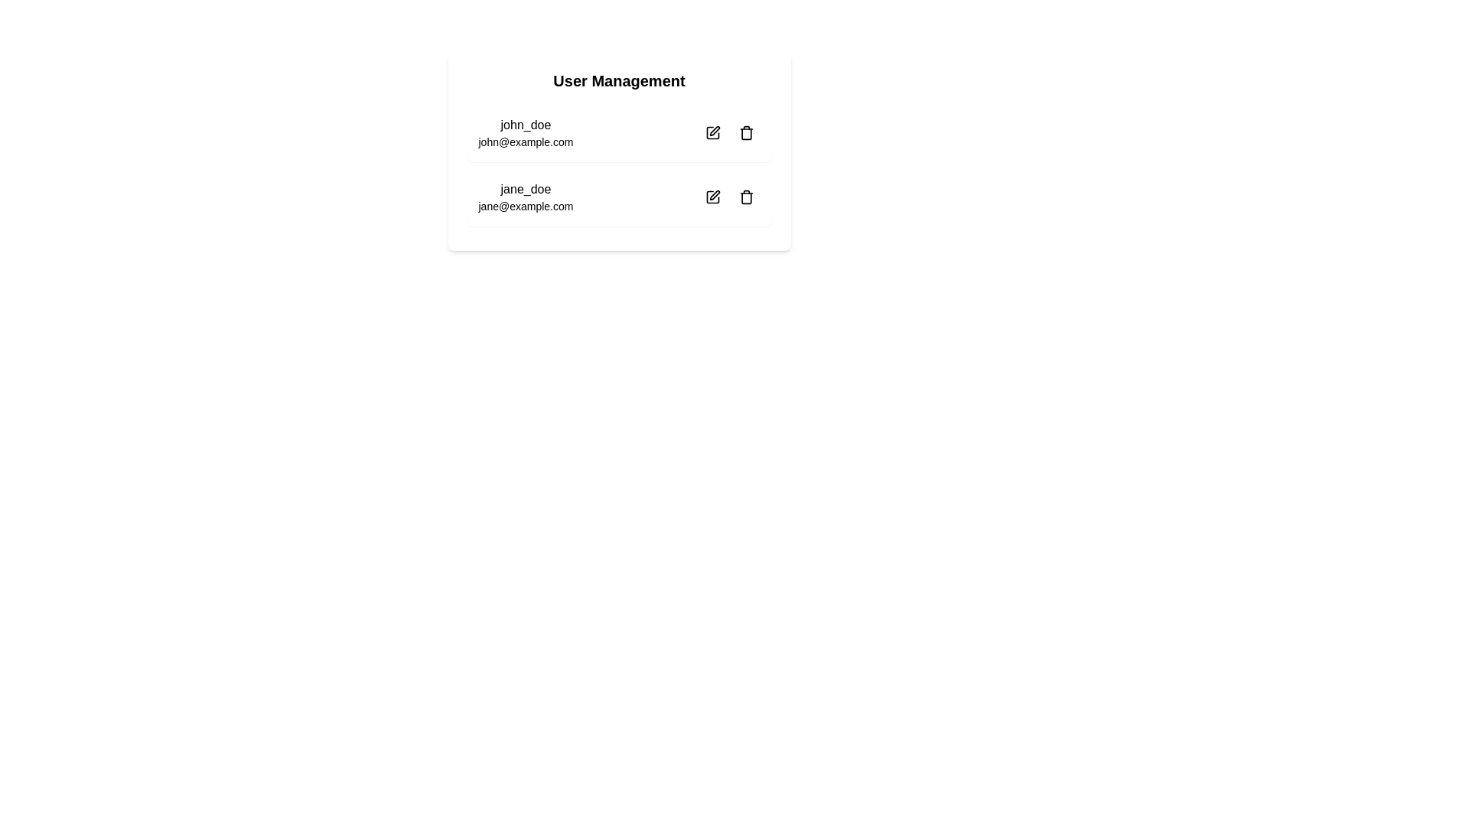  What do you see at coordinates (746, 133) in the screenshot?
I see `the central part of the trash bin icon, which is a vertical rectangular shape with a curved top and bottom, located on the right side of the first user entry` at bounding box center [746, 133].